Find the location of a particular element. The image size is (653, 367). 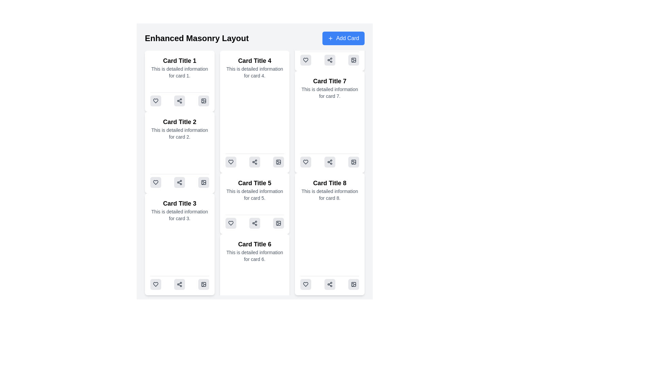

information displayed in the text area located inside the third card of the left column, positioned near the middle above the interactive elements is located at coordinates (180, 210).